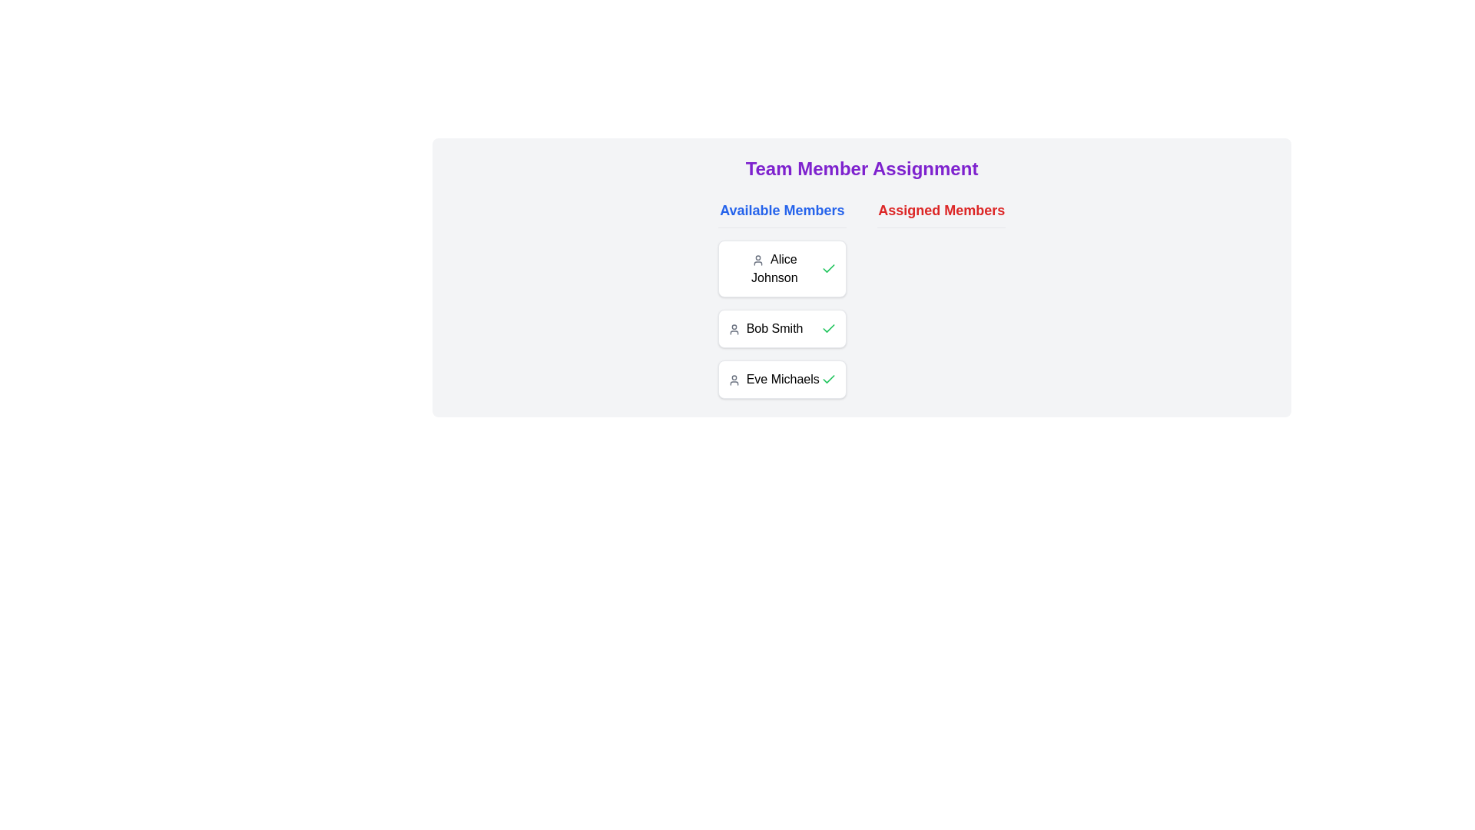 The height and width of the screenshot is (830, 1475). Describe the element at coordinates (940, 214) in the screenshot. I see `text label located in the top-right corner of the section that provides context for the assigned team members` at that location.